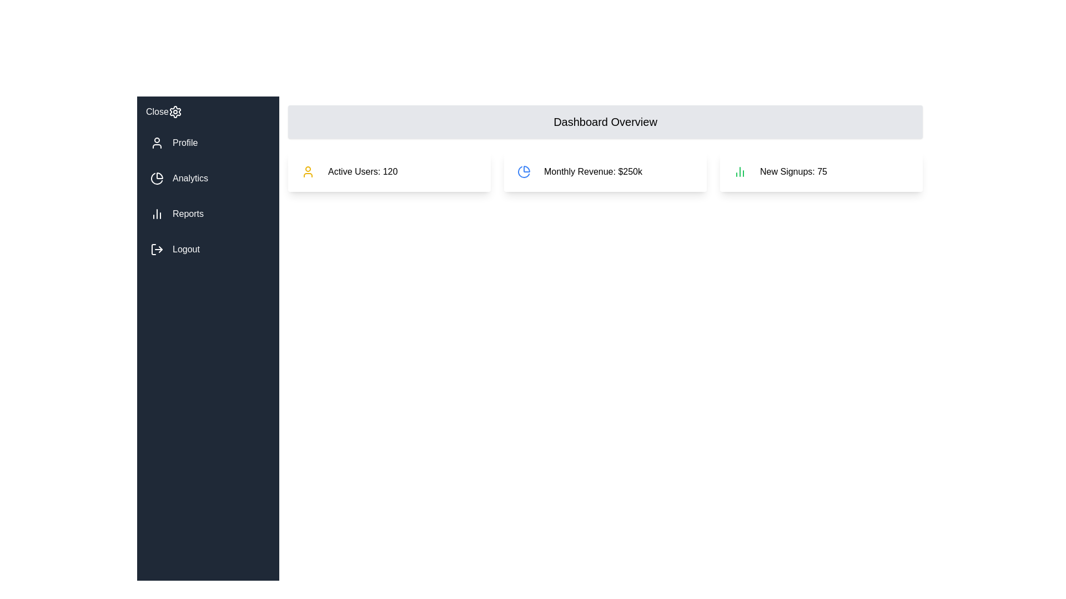  What do you see at coordinates (821, 171) in the screenshot?
I see `the Informational Card displaying 'New Signups: 75', which is the third card in the grid located at the top-right corner` at bounding box center [821, 171].